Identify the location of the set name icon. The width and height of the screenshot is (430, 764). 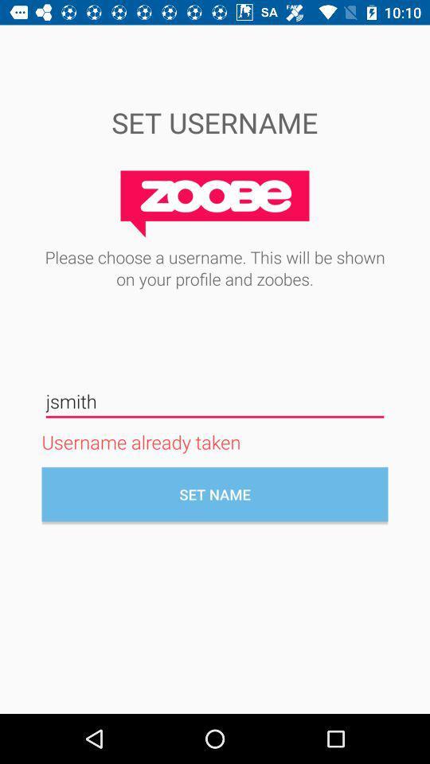
(215, 493).